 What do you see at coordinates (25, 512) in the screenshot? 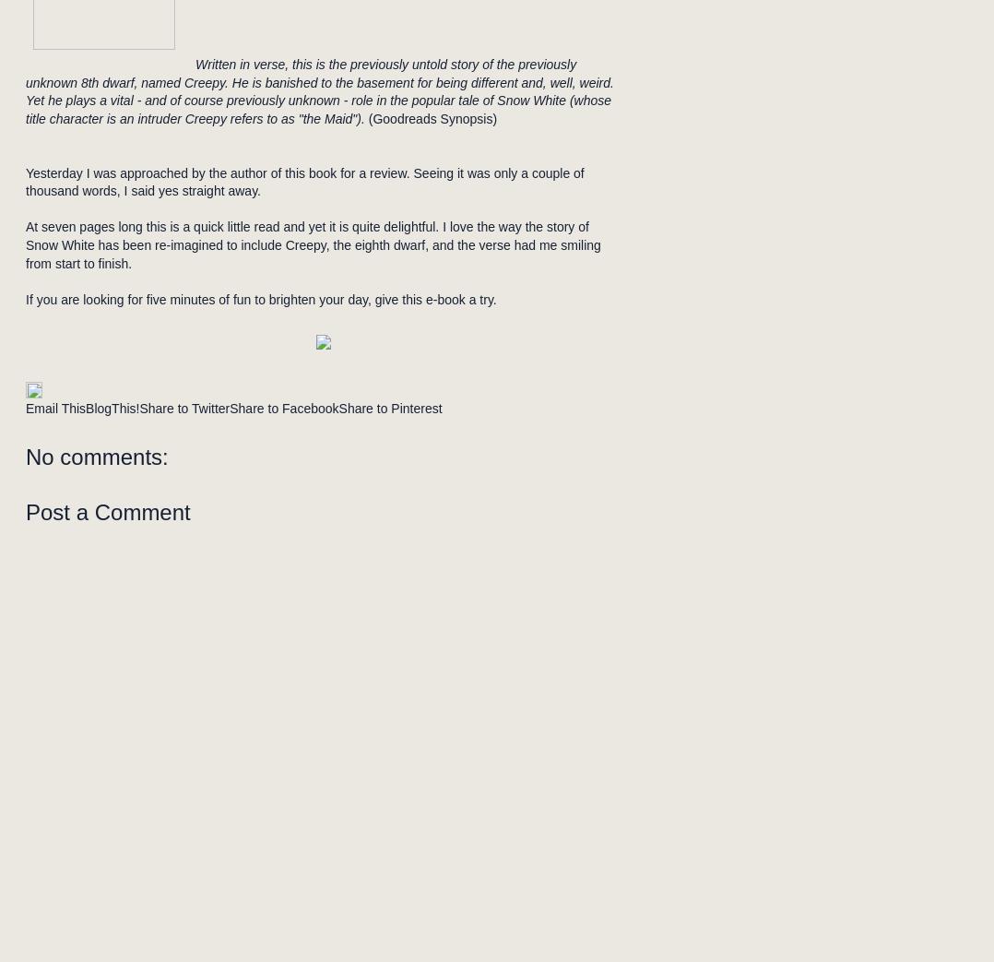
I see `'Post a Comment'` at bounding box center [25, 512].